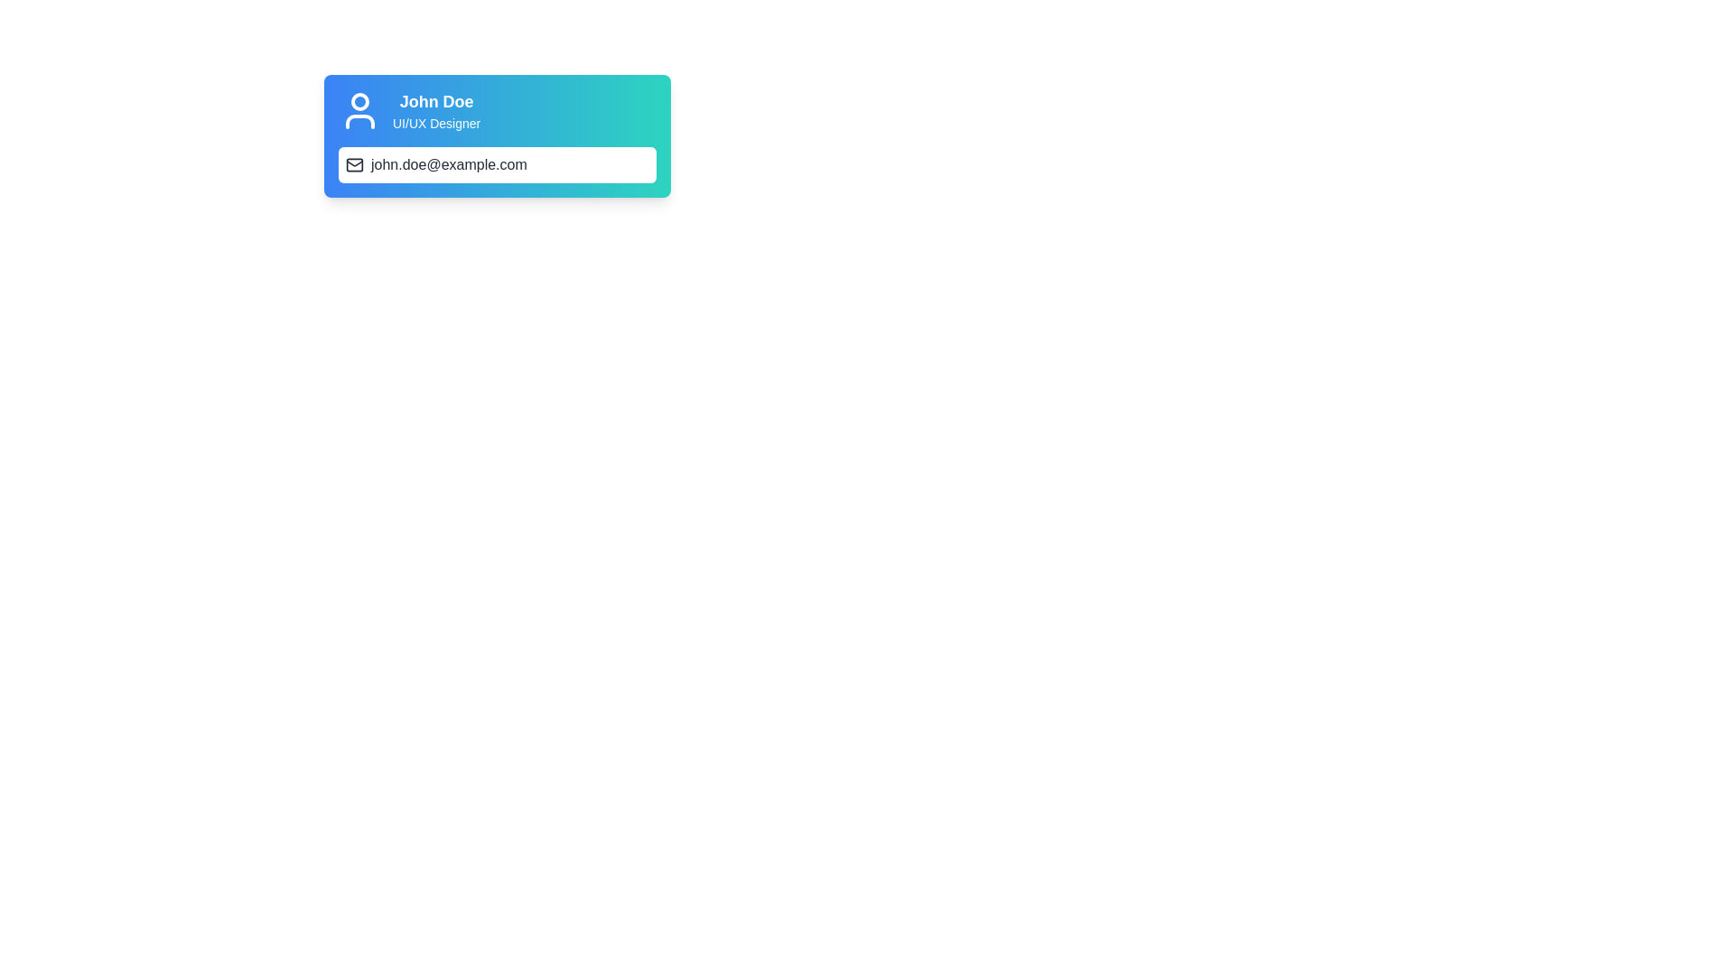 Image resolution: width=1734 pixels, height=975 pixels. What do you see at coordinates (449, 164) in the screenshot?
I see `the email address display element that shows 'john.doe@example.com' within the user profile card` at bounding box center [449, 164].